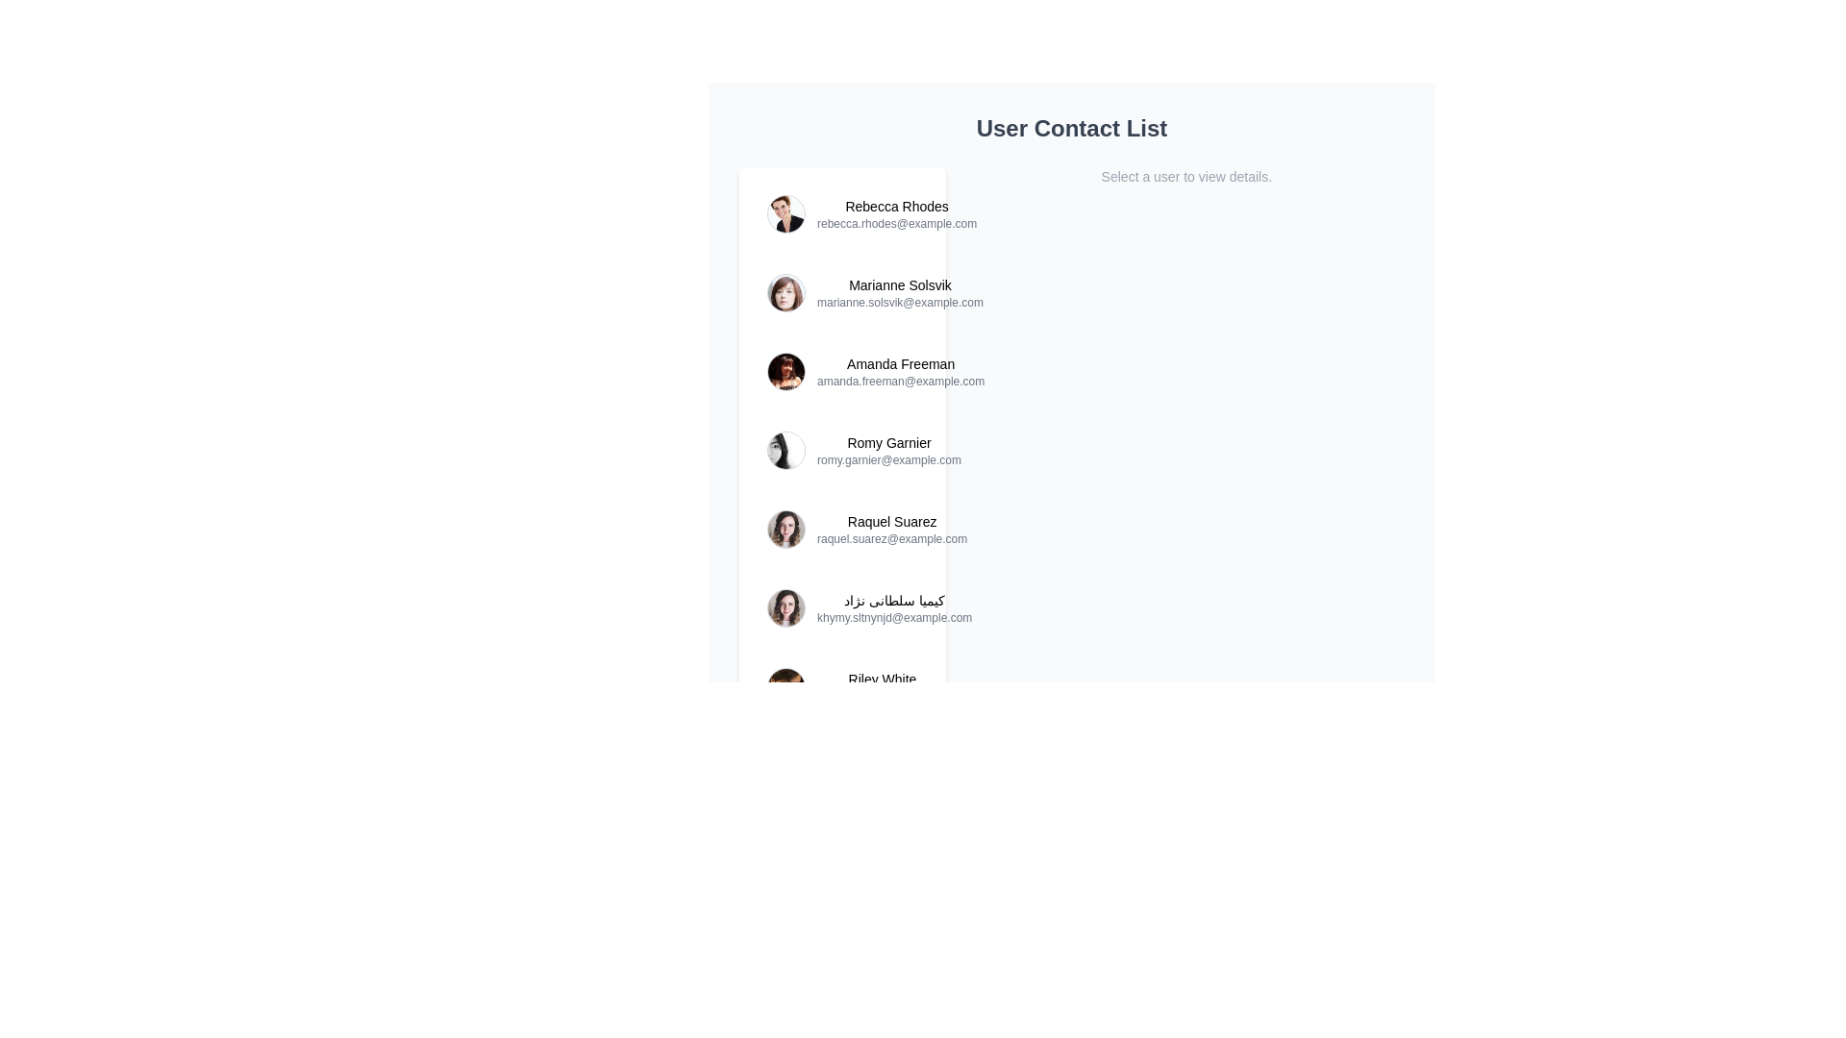 The image size is (1846, 1038). Describe the element at coordinates (881, 685) in the screenshot. I see `the Contact list entry displaying the name 'Riley White' and email 'riley.white@example.com'` at that location.